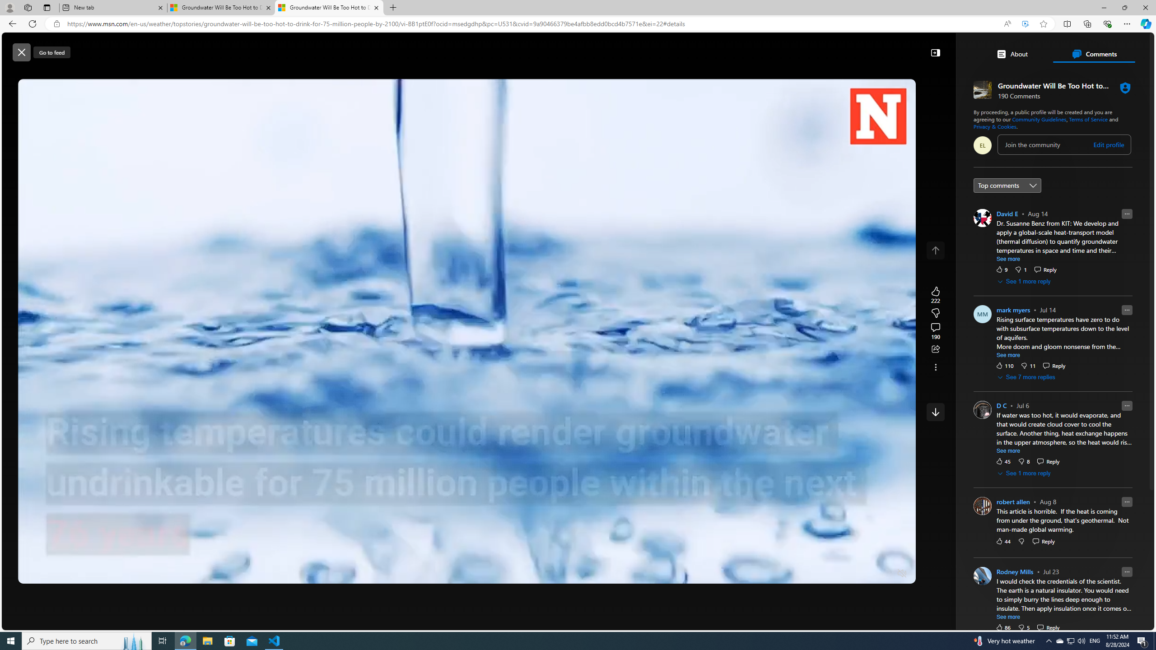 Image resolution: width=1156 pixels, height=650 pixels. Describe the element at coordinates (1134, 48) in the screenshot. I see `'Open settings'` at that location.